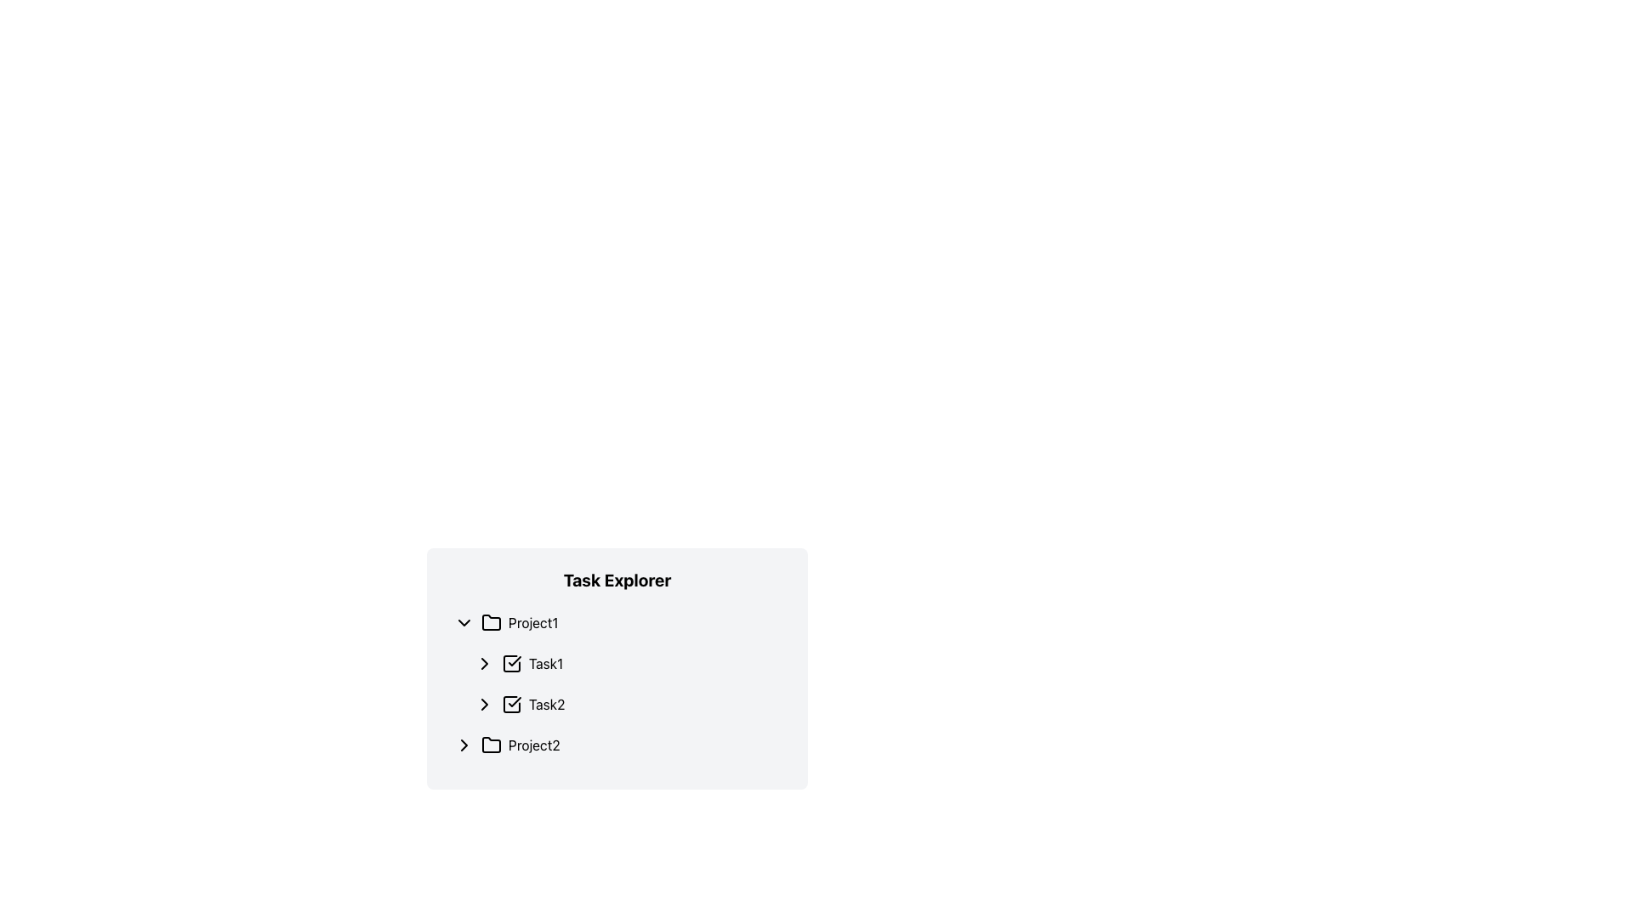 Image resolution: width=1633 pixels, height=918 pixels. Describe the element at coordinates (490, 622) in the screenshot. I see `the folder icon located in the 'Task Explorer' interface, to the left of the text 'Project1', to interact with it` at that location.